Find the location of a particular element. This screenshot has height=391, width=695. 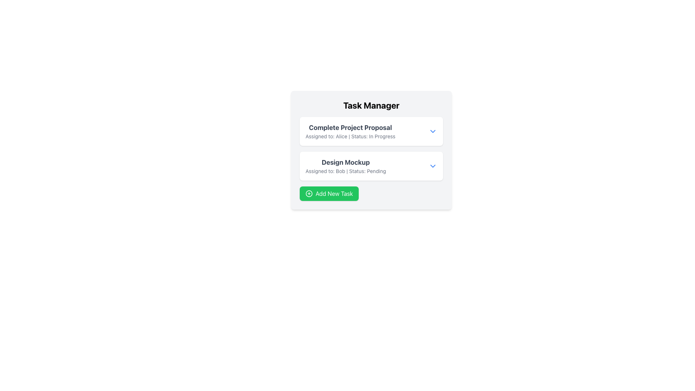

the task information card header displaying 'Complete Project Proposal' and its subtitle 'Assigned to: Alice | Status: In Progress' is located at coordinates (371, 131).